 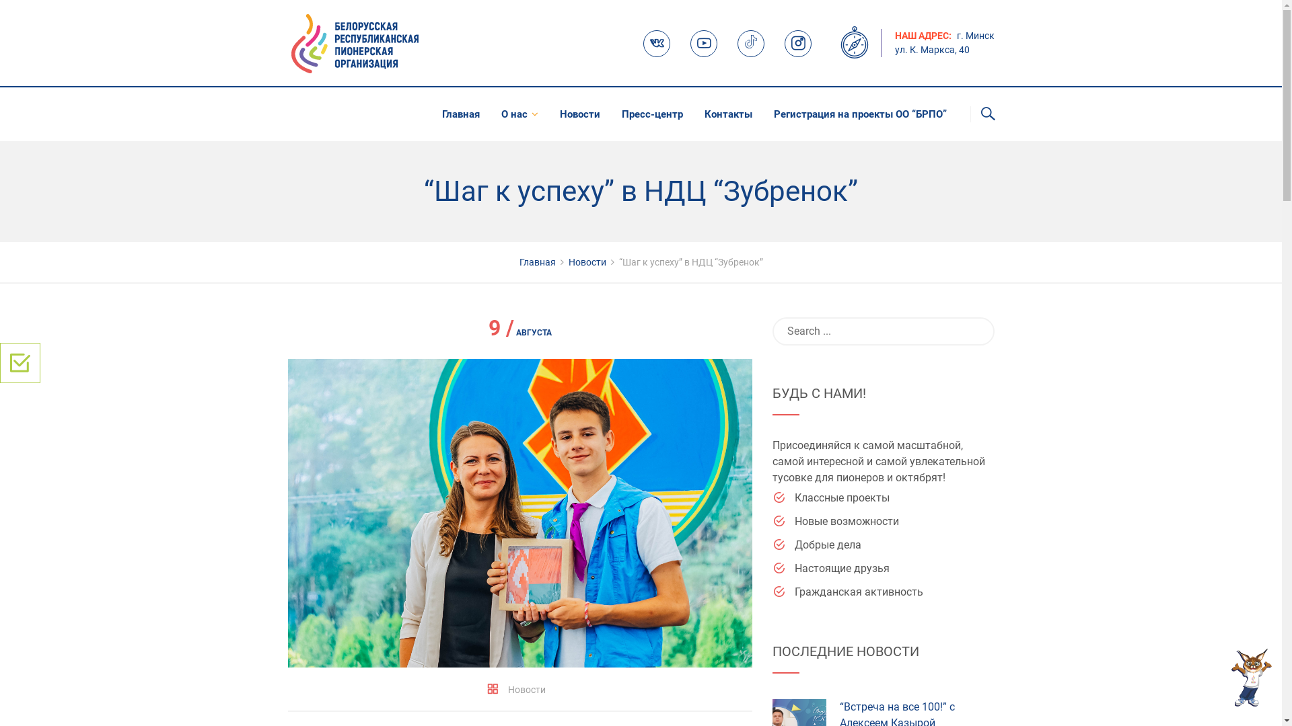 I want to click on 'Youtube', so click(x=690, y=43).